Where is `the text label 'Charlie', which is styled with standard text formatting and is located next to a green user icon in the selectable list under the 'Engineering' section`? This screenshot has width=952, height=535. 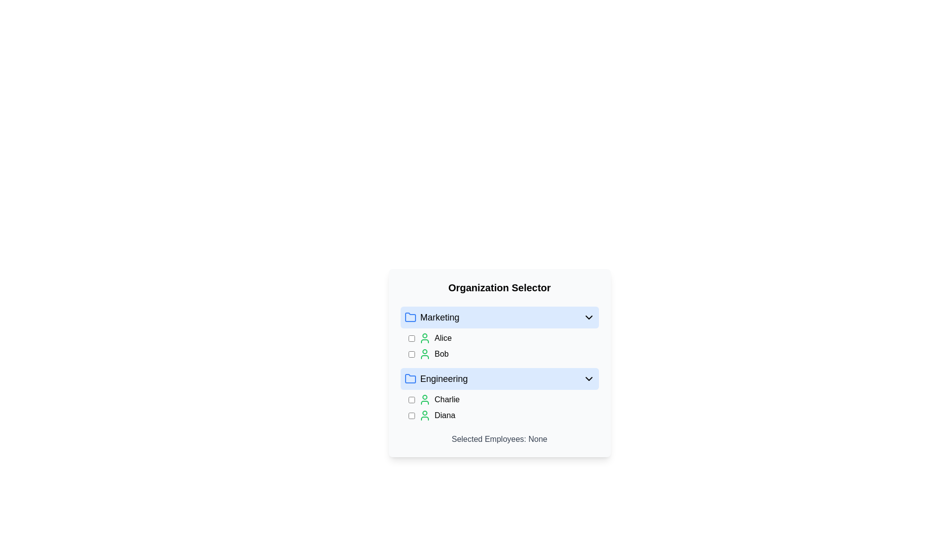
the text label 'Charlie', which is styled with standard text formatting and is located next to a green user icon in the selectable list under the 'Engineering' section is located at coordinates (446, 399).